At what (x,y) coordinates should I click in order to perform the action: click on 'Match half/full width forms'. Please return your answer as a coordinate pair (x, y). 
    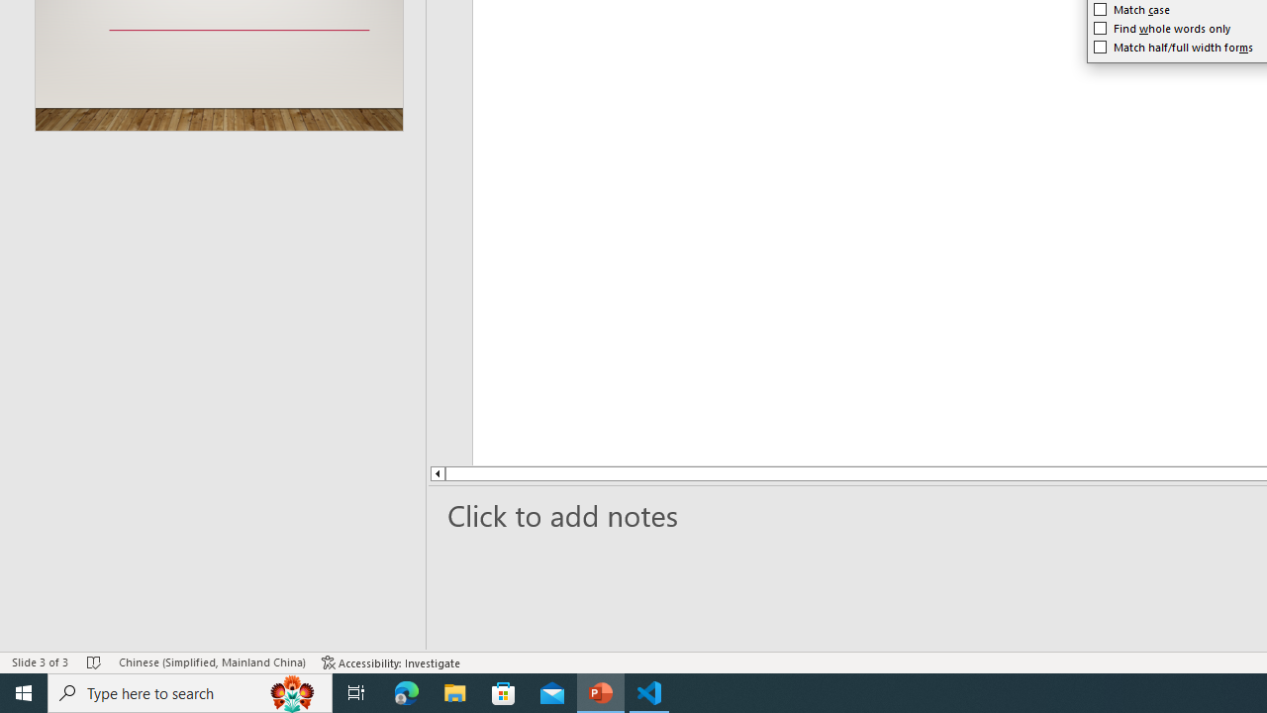
    Looking at the image, I should click on (1174, 47).